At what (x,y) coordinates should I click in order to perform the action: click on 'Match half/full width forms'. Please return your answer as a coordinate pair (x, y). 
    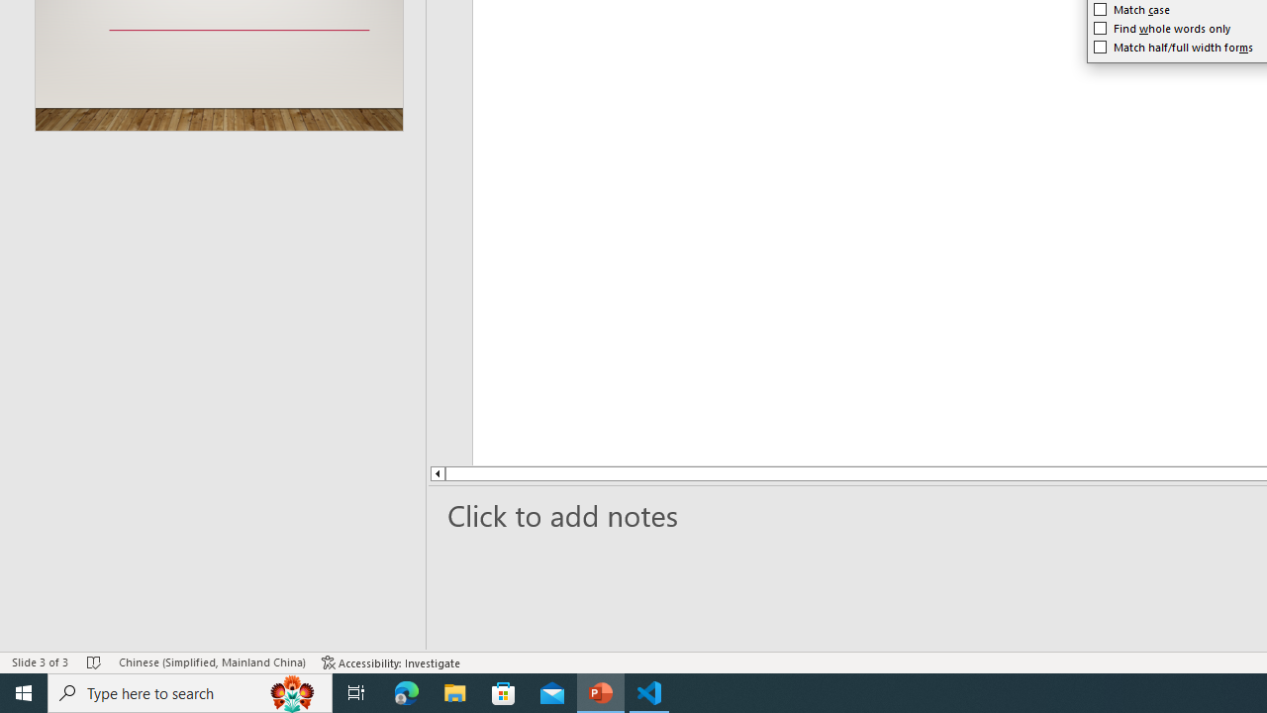
    Looking at the image, I should click on (1174, 47).